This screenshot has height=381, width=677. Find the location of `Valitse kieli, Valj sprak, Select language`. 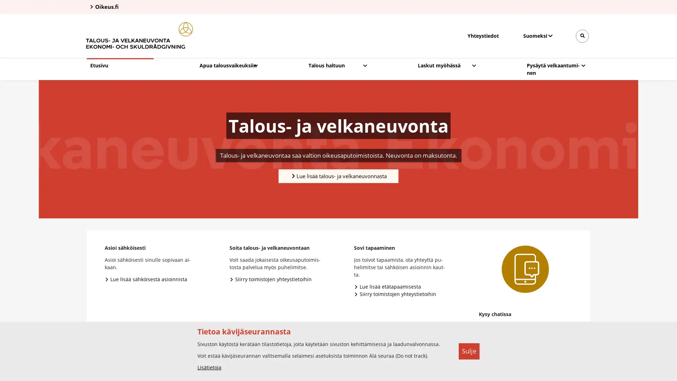

Valitse kieli, Valj sprak, Select language is located at coordinates (534, 36).